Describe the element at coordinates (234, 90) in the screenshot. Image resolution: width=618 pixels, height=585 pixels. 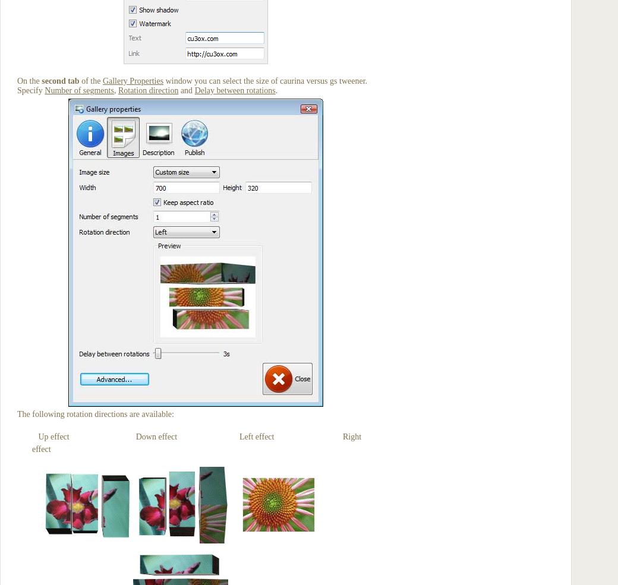
I see `'Delay between rotations'` at that location.